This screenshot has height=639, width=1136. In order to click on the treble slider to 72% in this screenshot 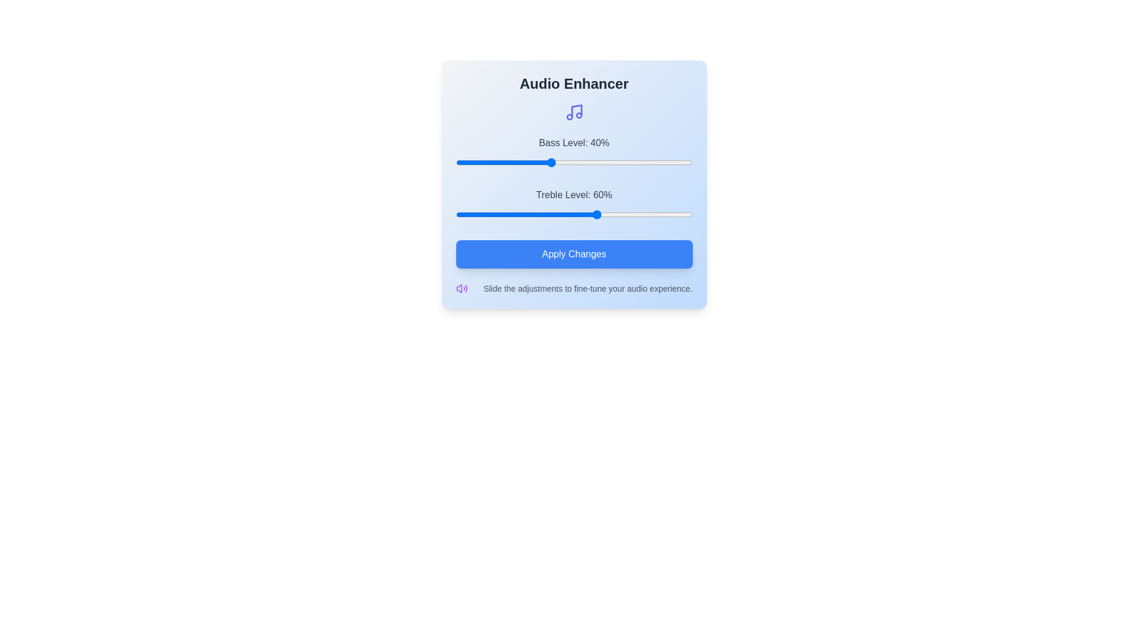, I will do `click(625, 214)`.